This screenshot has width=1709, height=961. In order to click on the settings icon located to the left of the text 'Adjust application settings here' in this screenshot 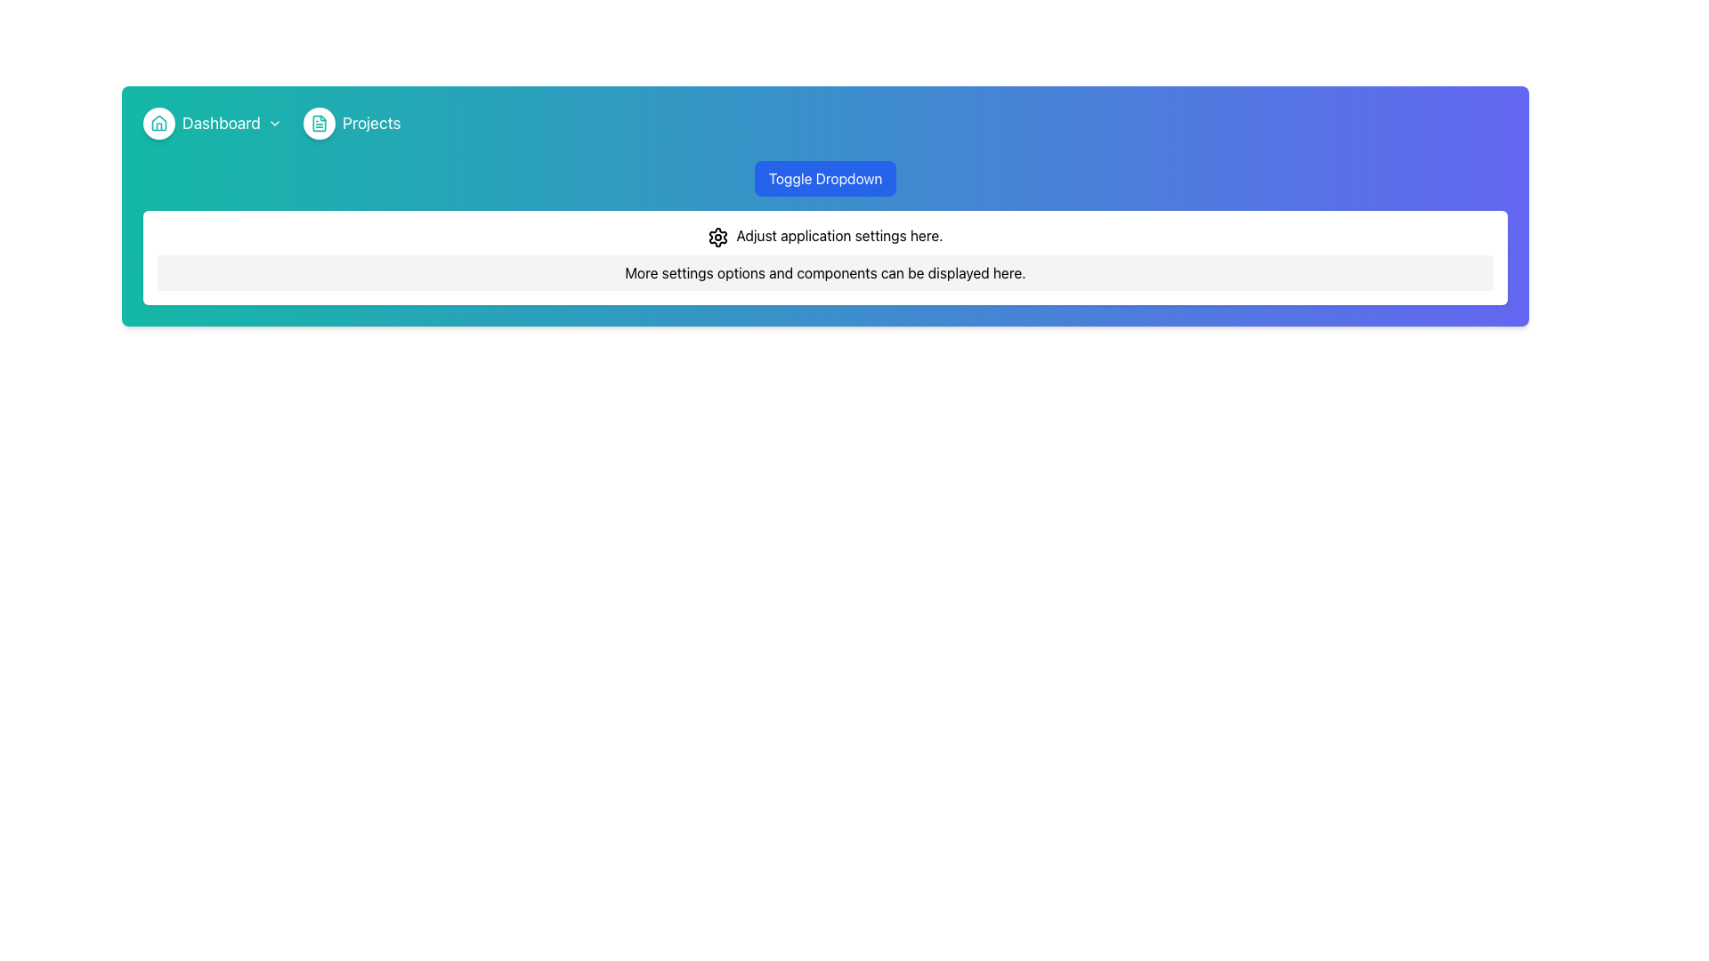, I will do `click(718, 236)`.